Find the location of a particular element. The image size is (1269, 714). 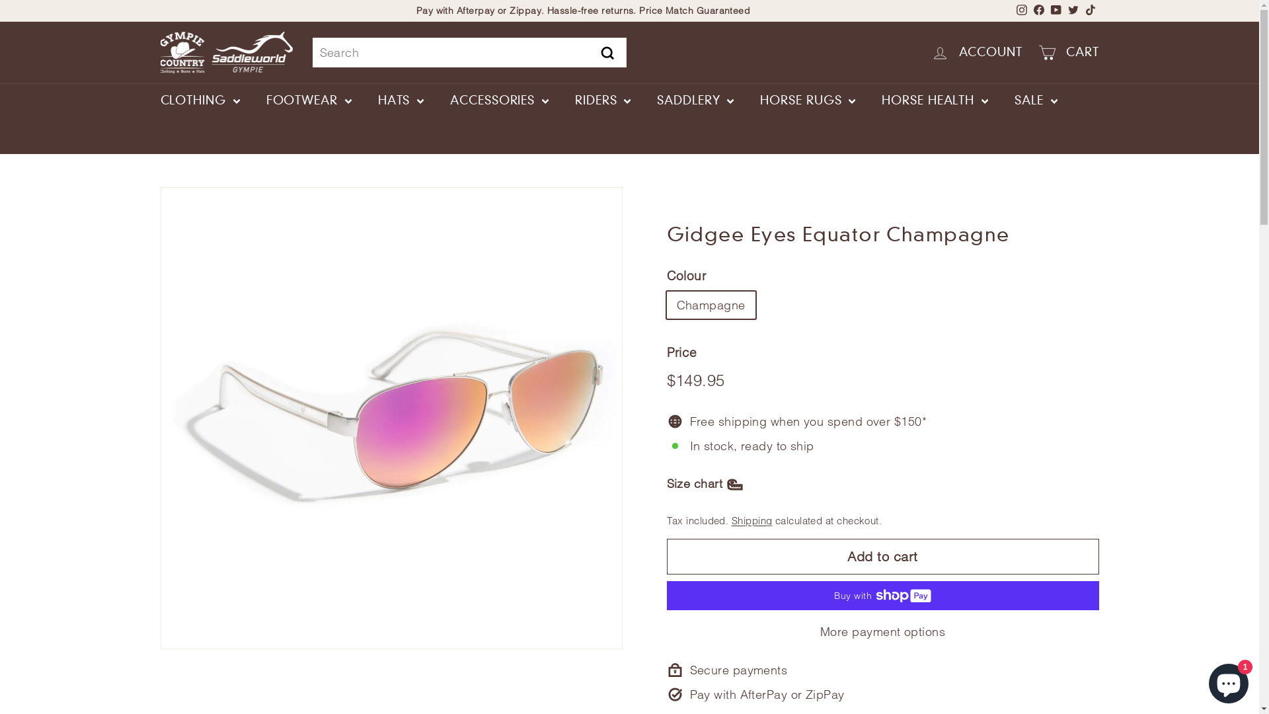

'Add to cart' is located at coordinates (882, 556).